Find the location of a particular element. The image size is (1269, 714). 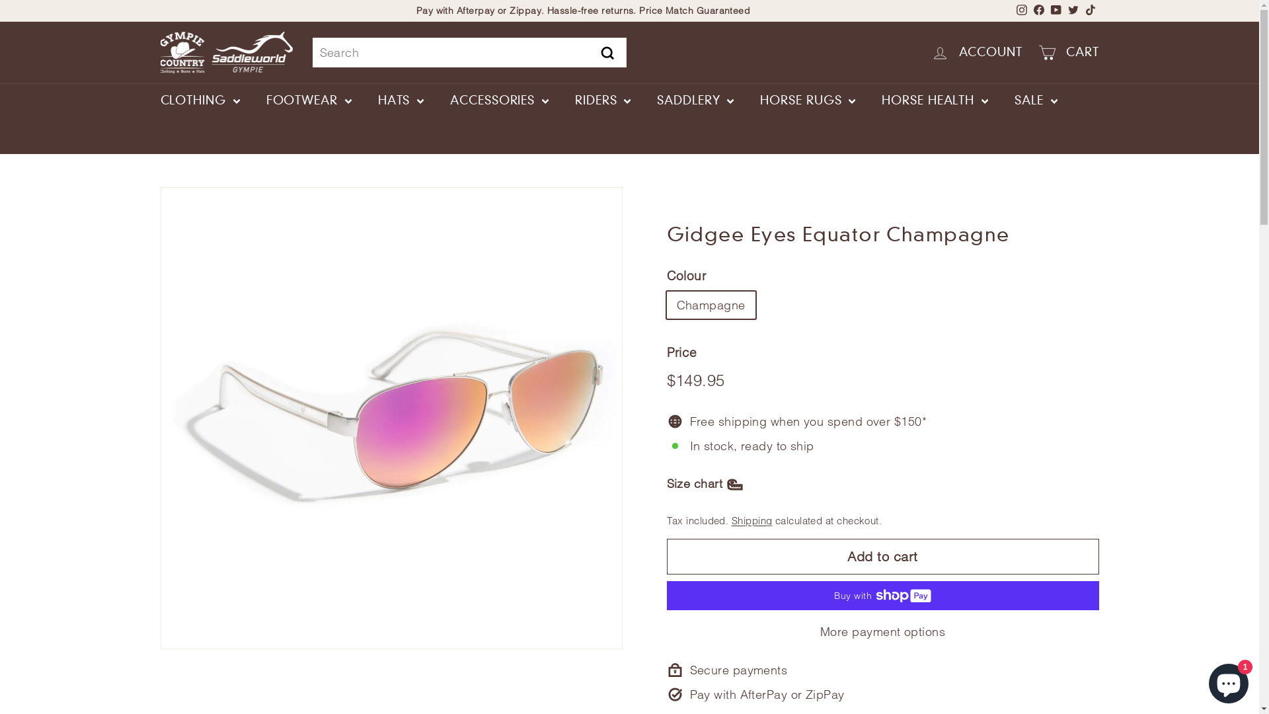

'Add to cart' is located at coordinates (882, 556).